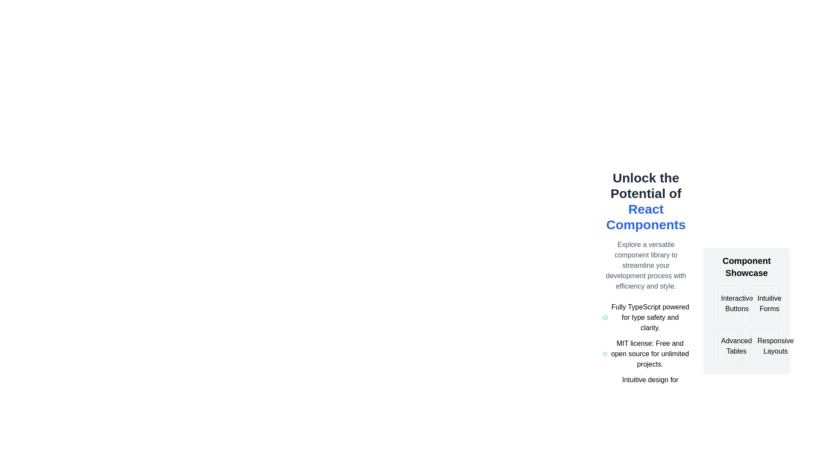  I want to click on the design of the star-shaped SVG icon located in the 'Component Showcase' panel on the right side of the page, so click(787, 303).